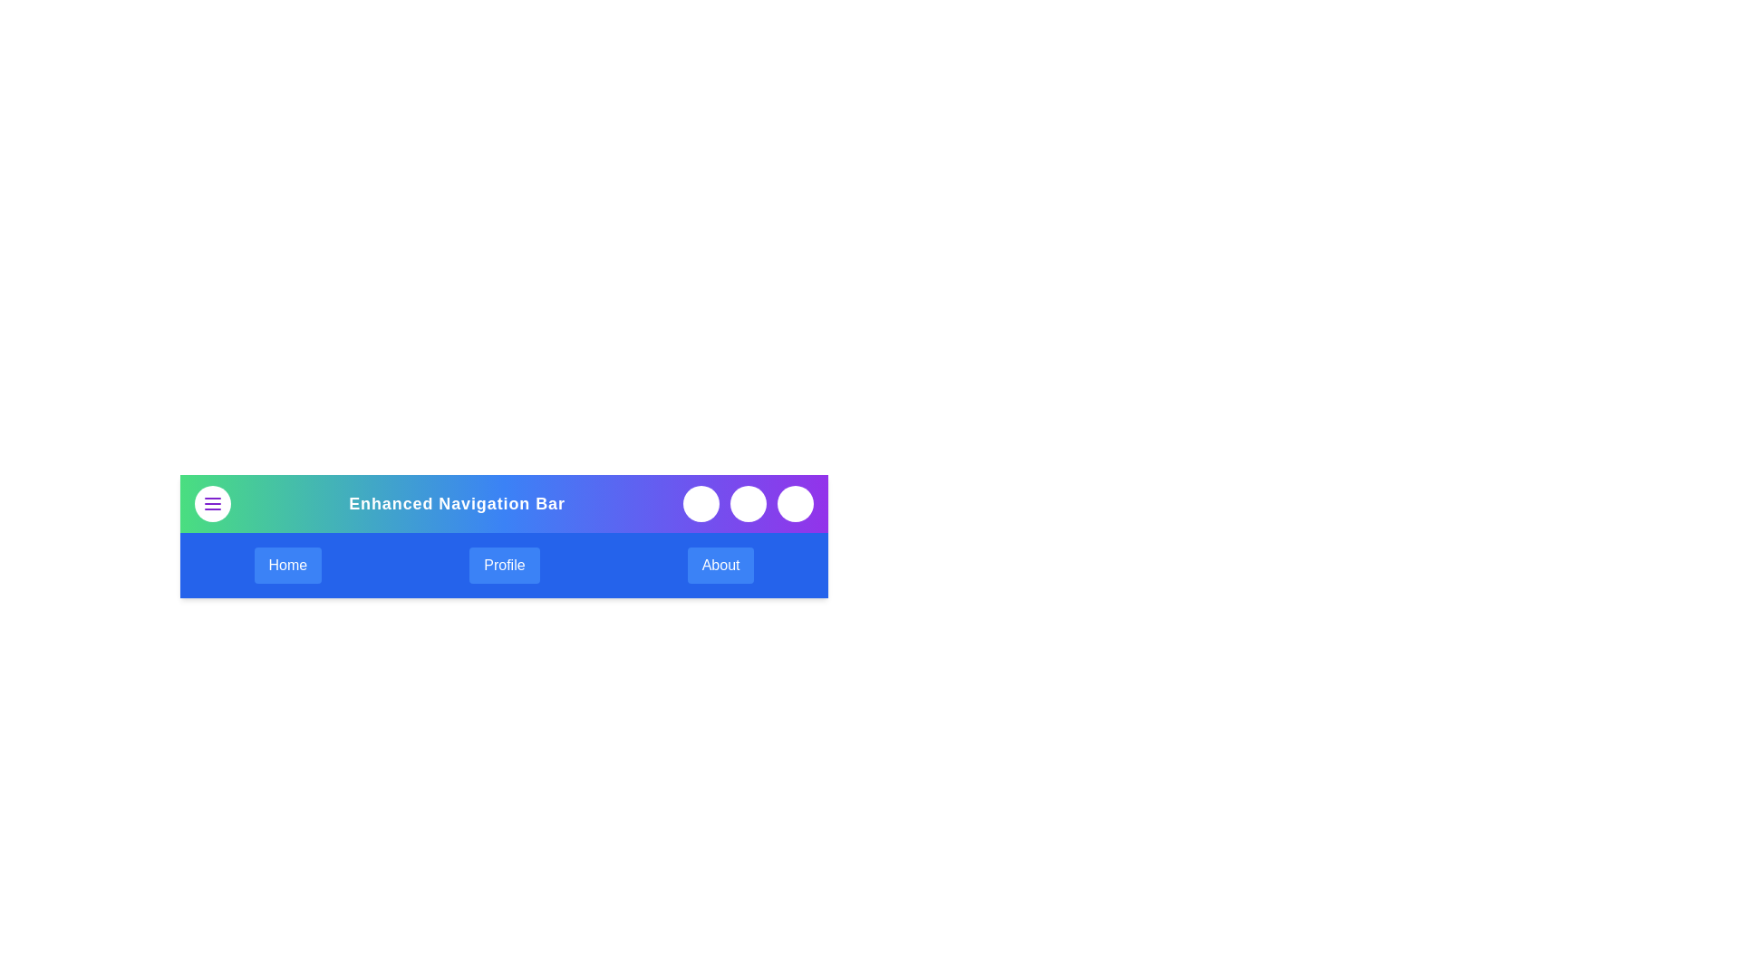  Describe the element at coordinates (748, 503) in the screenshot. I see `the notification button to view alerts` at that location.